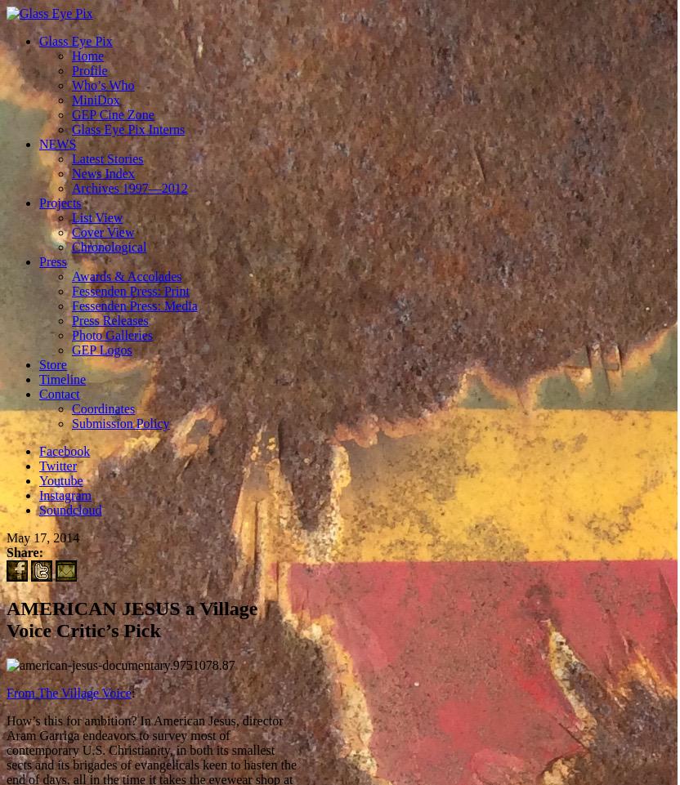 The width and height of the screenshot is (680, 785). What do you see at coordinates (129, 692) in the screenshot?
I see `':'` at bounding box center [129, 692].